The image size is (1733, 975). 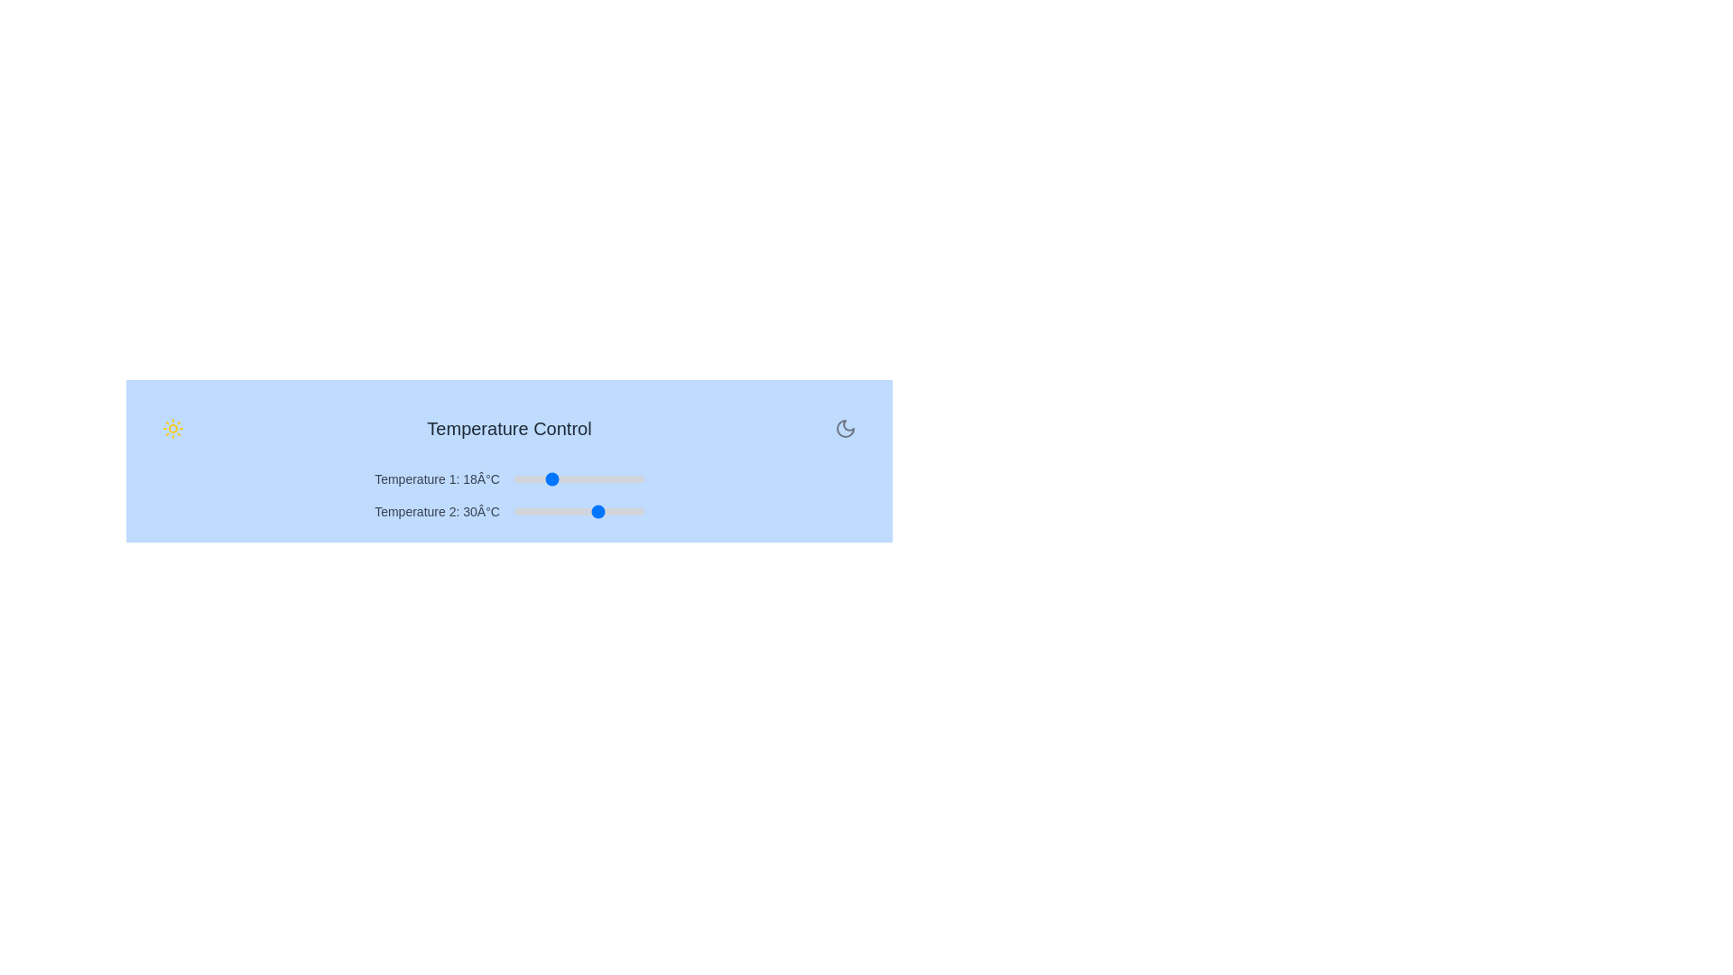 I want to click on the temperature, so click(x=556, y=478).